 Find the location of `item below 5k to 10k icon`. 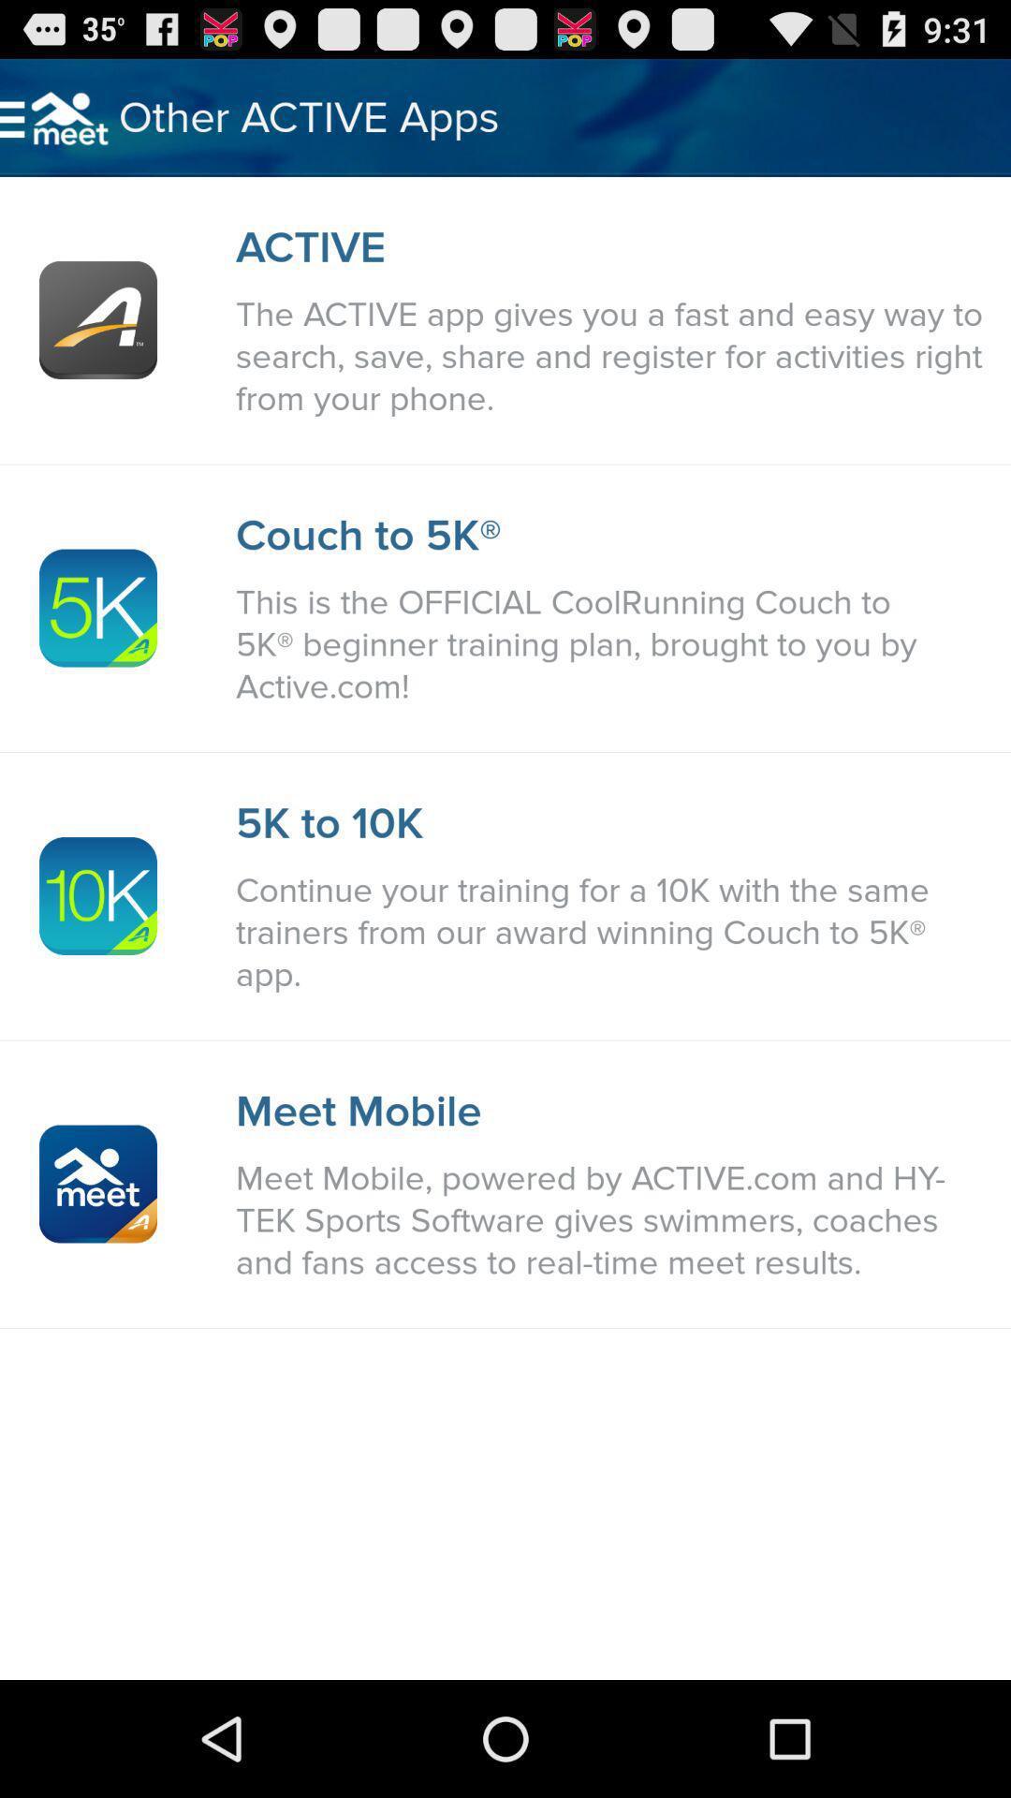

item below 5k to 10k icon is located at coordinates (613, 933).